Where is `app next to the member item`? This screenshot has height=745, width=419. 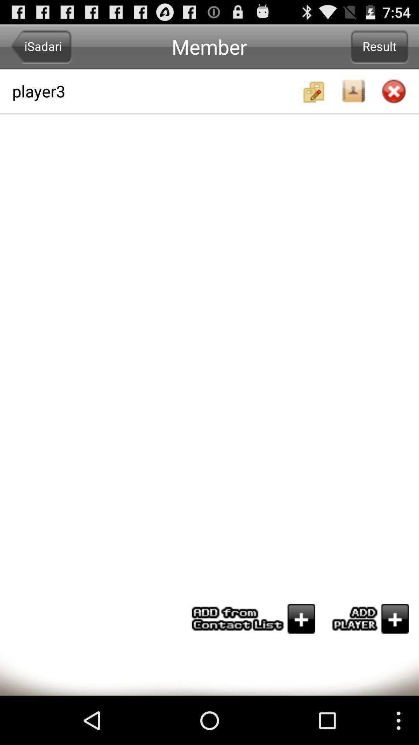 app next to the member item is located at coordinates (41, 46).